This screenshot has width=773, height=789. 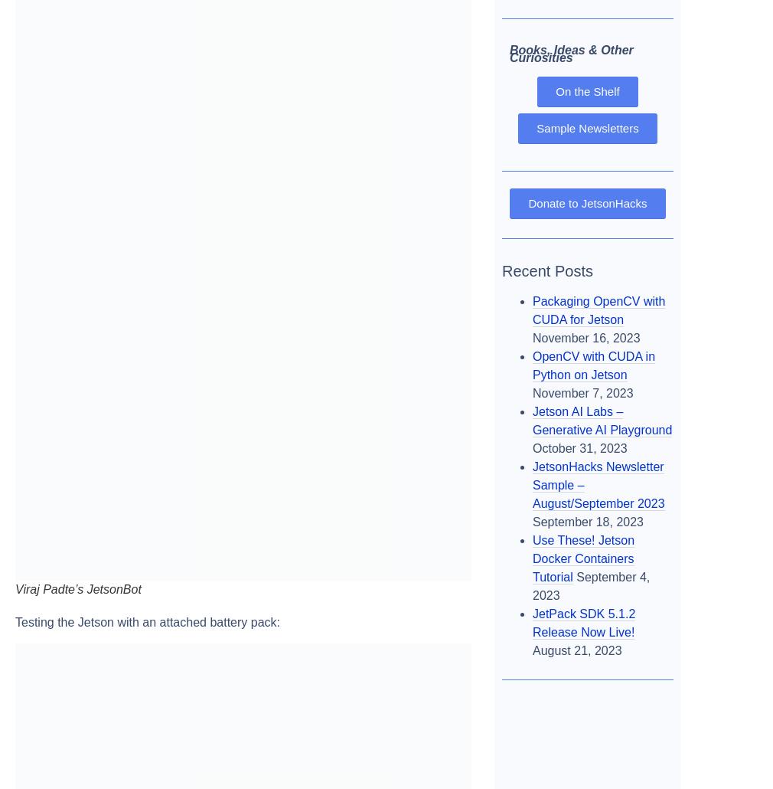 What do you see at coordinates (583, 621) in the screenshot?
I see `'JetPack SDK 5.1.2 Release Now Live!'` at bounding box center [583, 621].